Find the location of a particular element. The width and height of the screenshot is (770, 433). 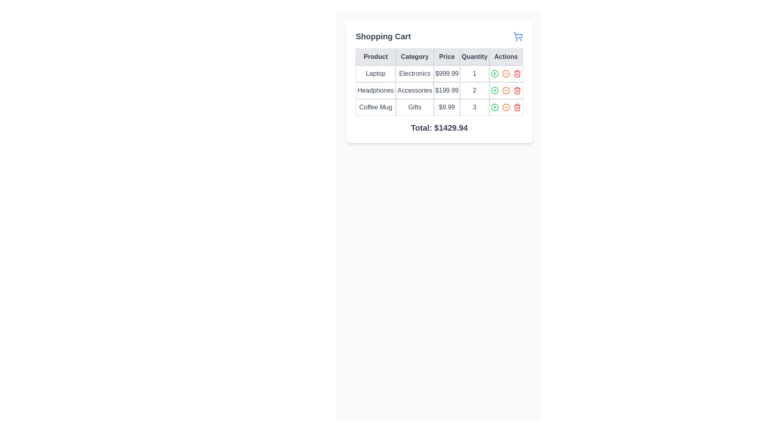

the 'Quantity' label, which is the fourth column header in the 'Shopping Cart' table, displayed in bold and dark font is located at coordinates (474, 57).